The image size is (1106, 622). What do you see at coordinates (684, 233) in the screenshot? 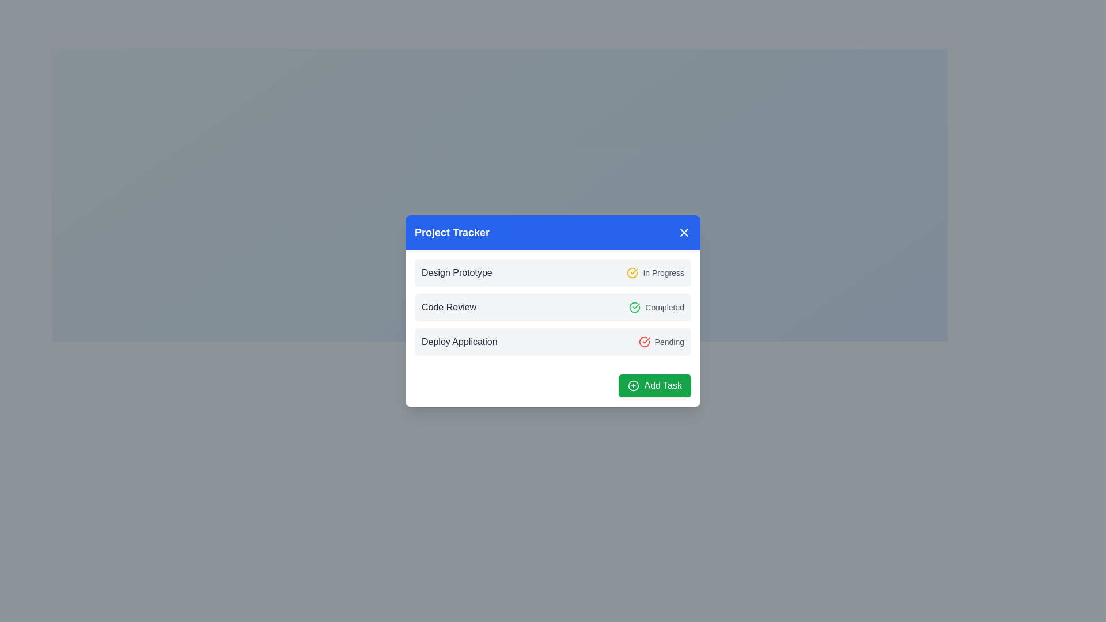
I see `the 'X' shaped button located in the upper-right corner of the blue header titled 'Project Tracker'` at bounding box center [684, 233].